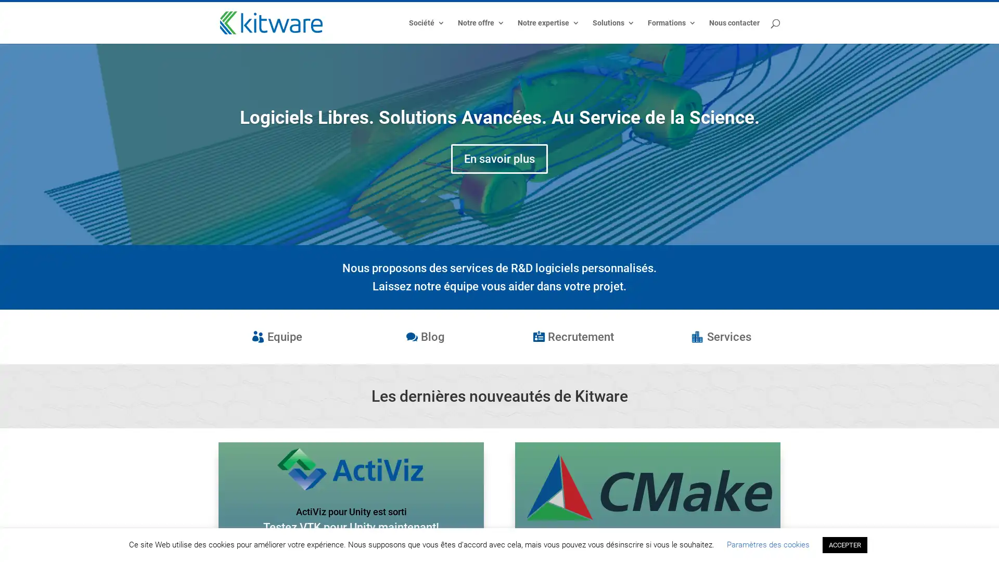  What do you see at coordinates (844, 544) in the screenshot?
I see `ACCEPTER` at bounding box center [844, 544].